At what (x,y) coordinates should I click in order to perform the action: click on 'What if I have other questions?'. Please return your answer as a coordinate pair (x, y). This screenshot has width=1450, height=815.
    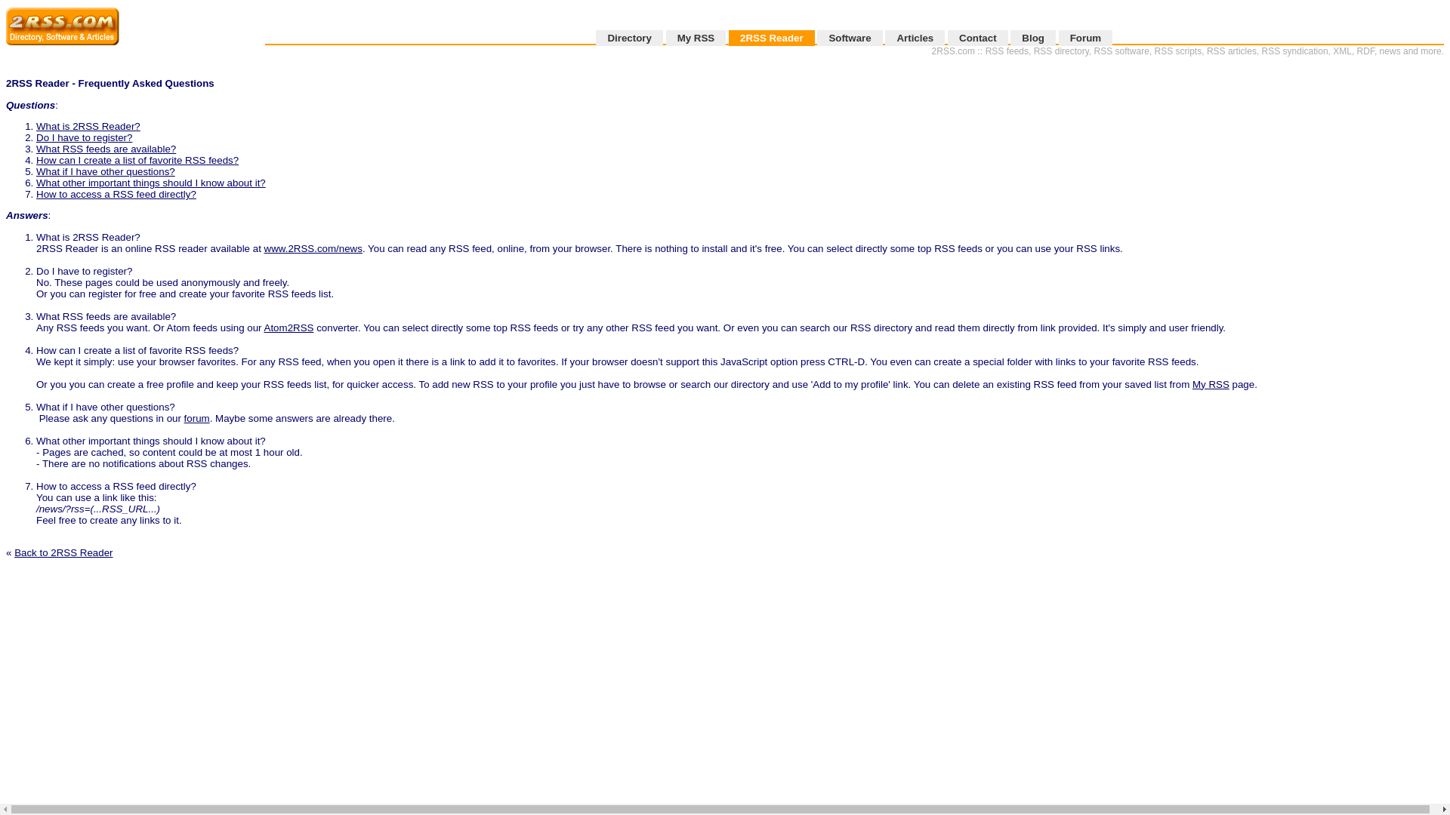
    Looking at the image, I should click on (104, 171).